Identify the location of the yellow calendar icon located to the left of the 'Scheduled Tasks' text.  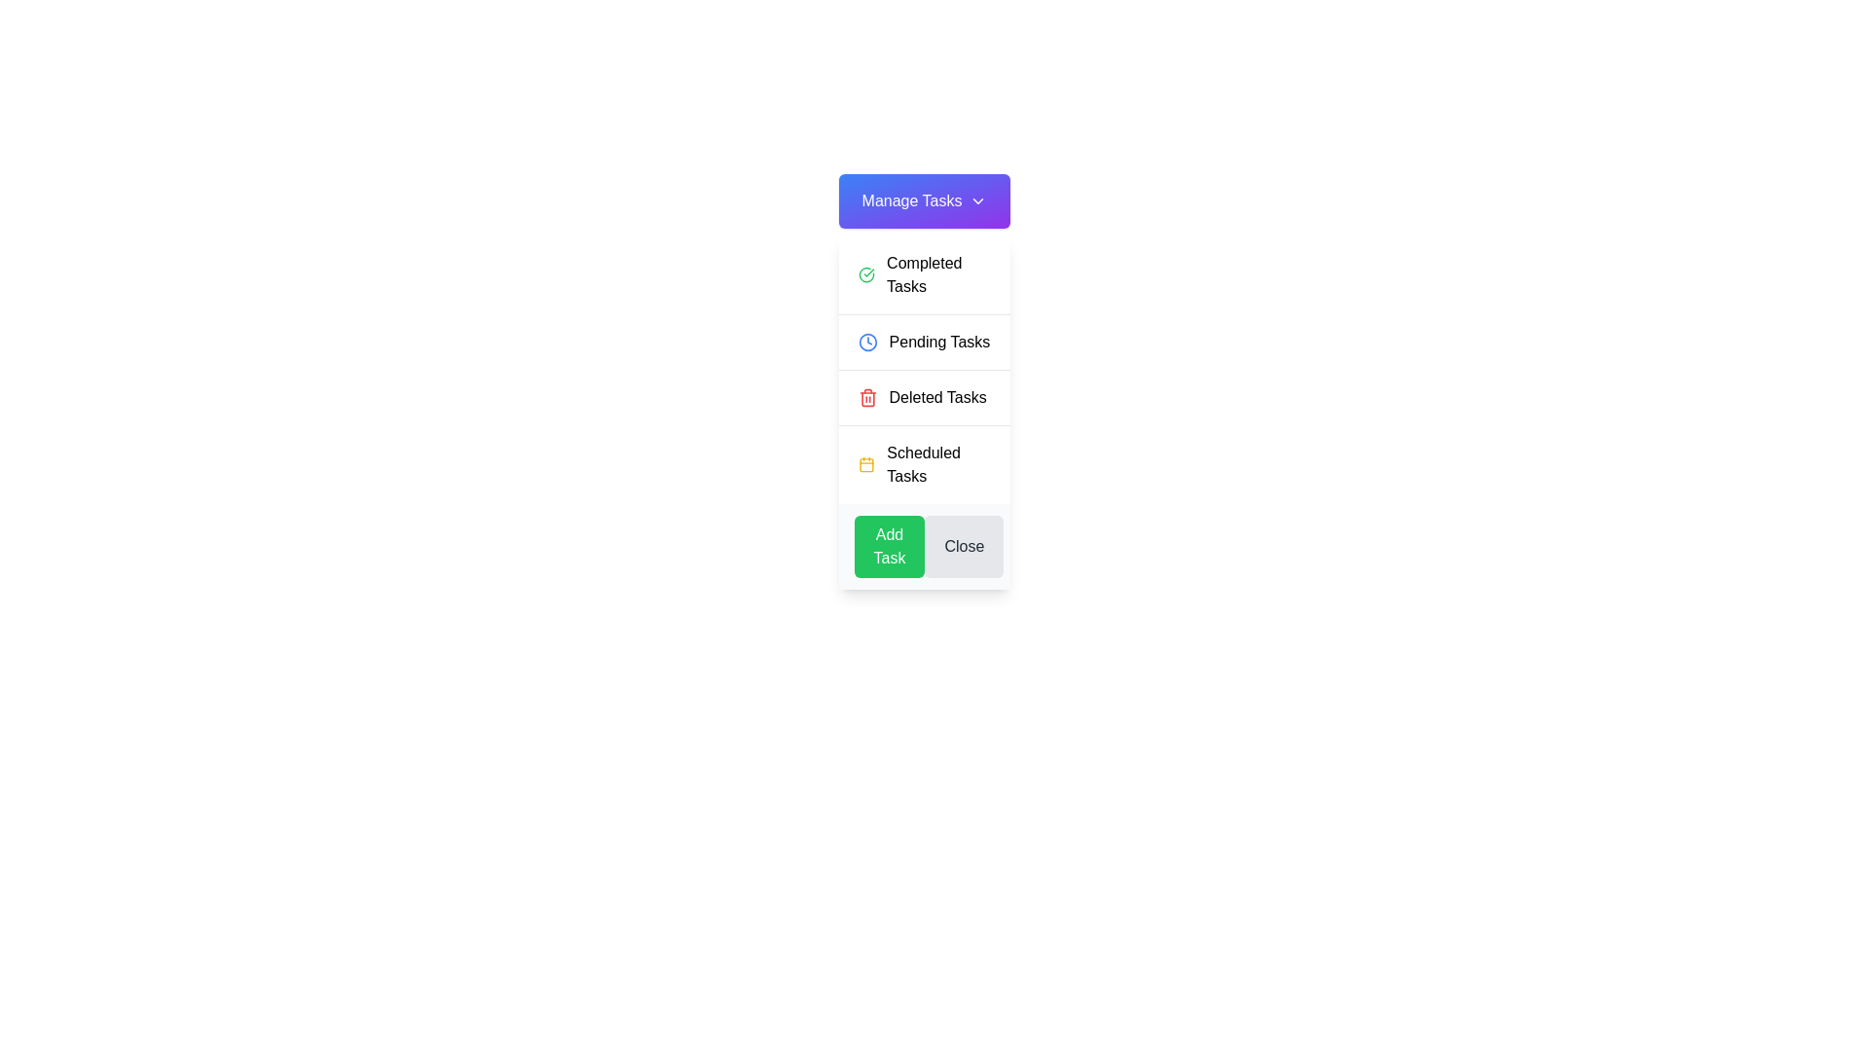
(865, 465).